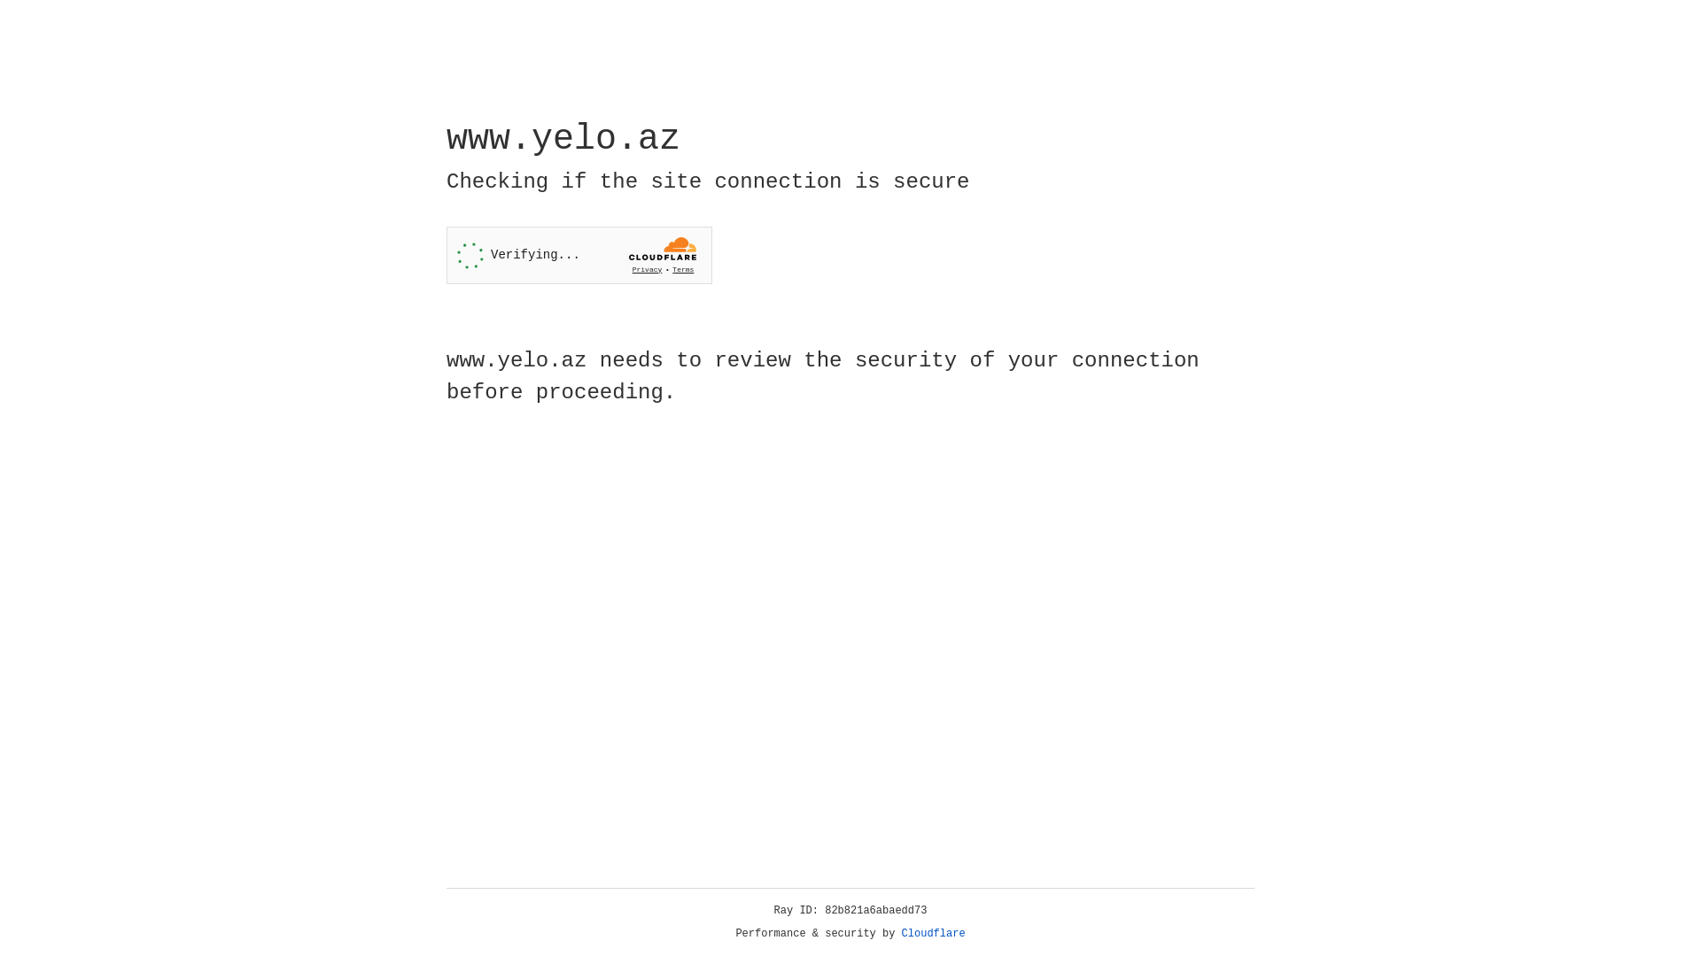 This screenshot has width=1701, height=956. I want to click on 'Widget containing a Cloudflare security challenge', so click(579, 255).